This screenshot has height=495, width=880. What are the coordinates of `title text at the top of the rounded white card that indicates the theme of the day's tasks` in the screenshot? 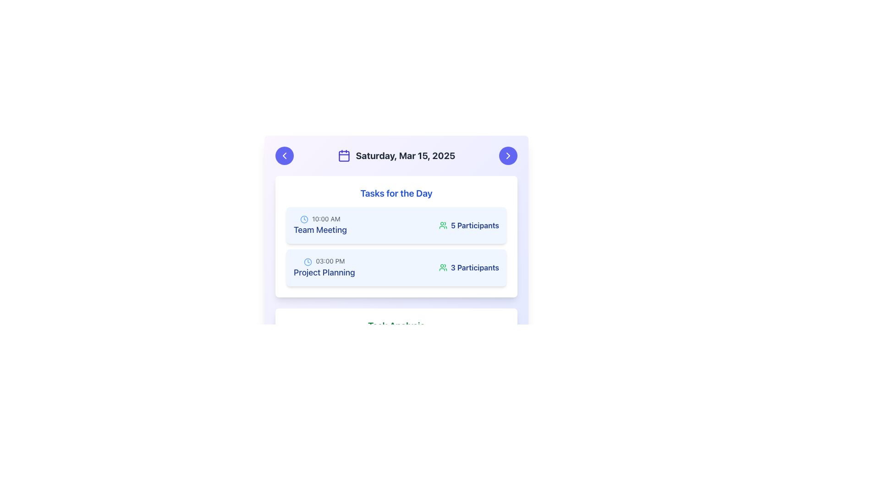 It's located at (396, 192).